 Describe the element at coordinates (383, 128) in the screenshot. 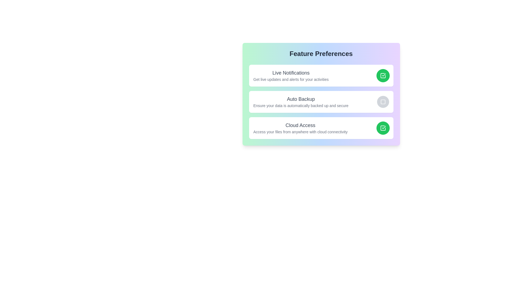

I see `the green circular icon with a white outlined square and checkmark, which is the third icon on the right side of the interface` at that location.